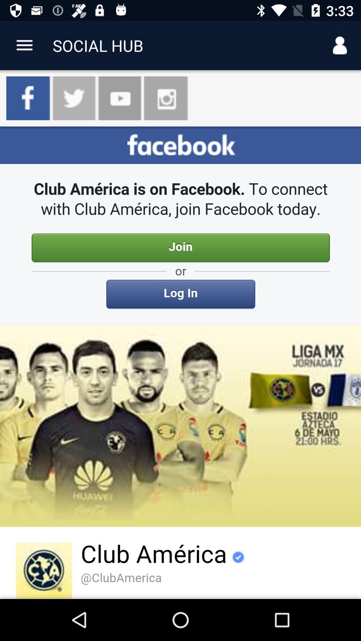 The image size is (361, 641). Describe the element at coordinates (24, 45) in the screenshot. I see `menu icon option` at that location.